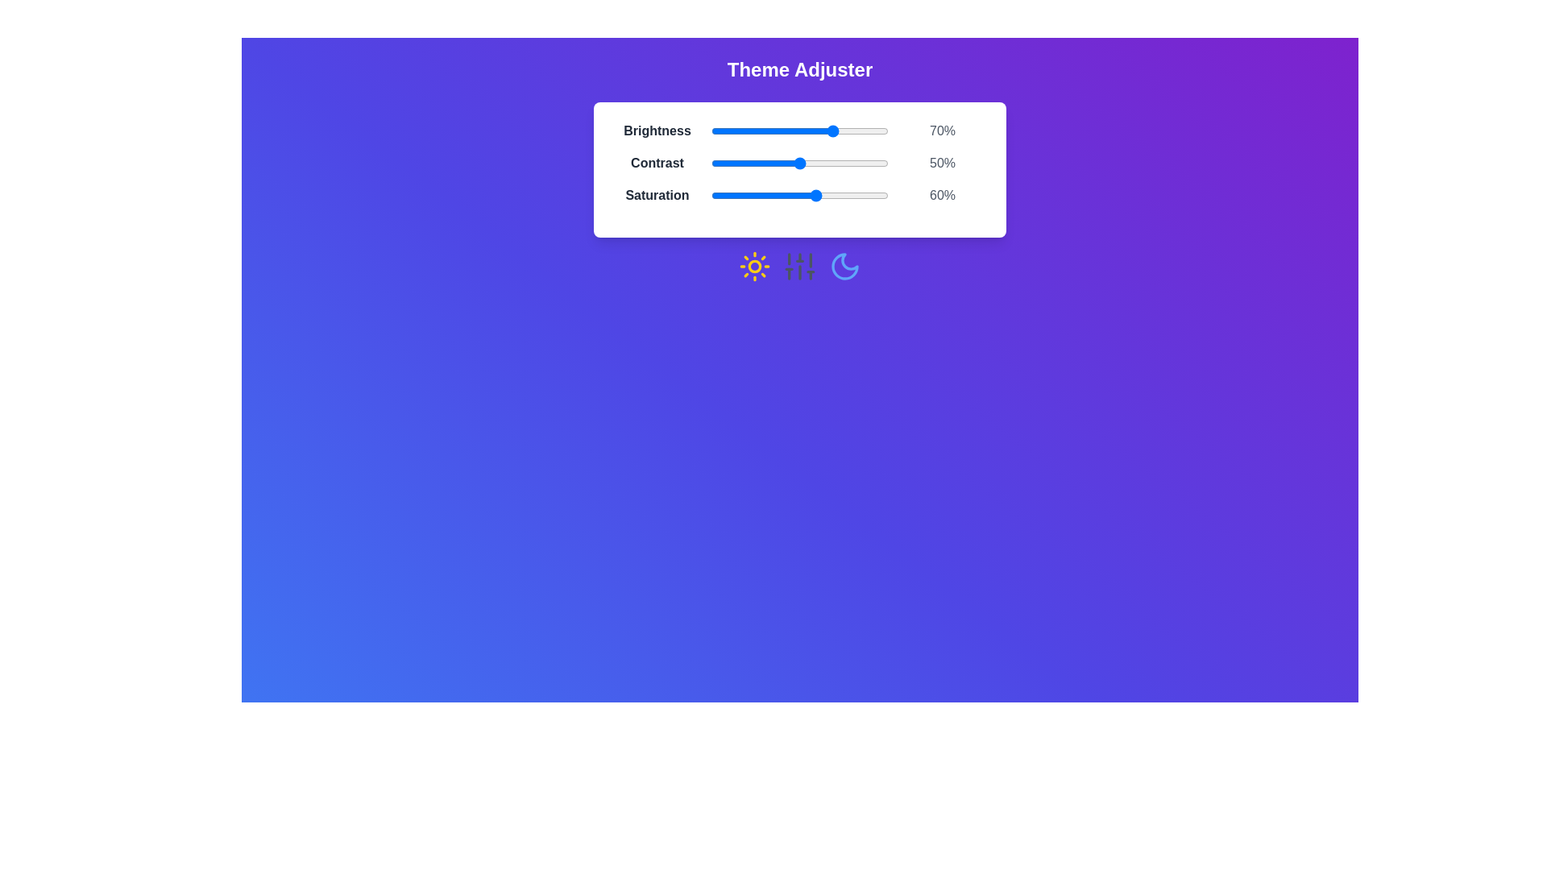 Image resolution: width=1547 pixels, height=870 pixels. What do you see at coordinates (812, 164) in the screenshot?
I see `the 1 slider to 57%` at bounding box center [812, 164].